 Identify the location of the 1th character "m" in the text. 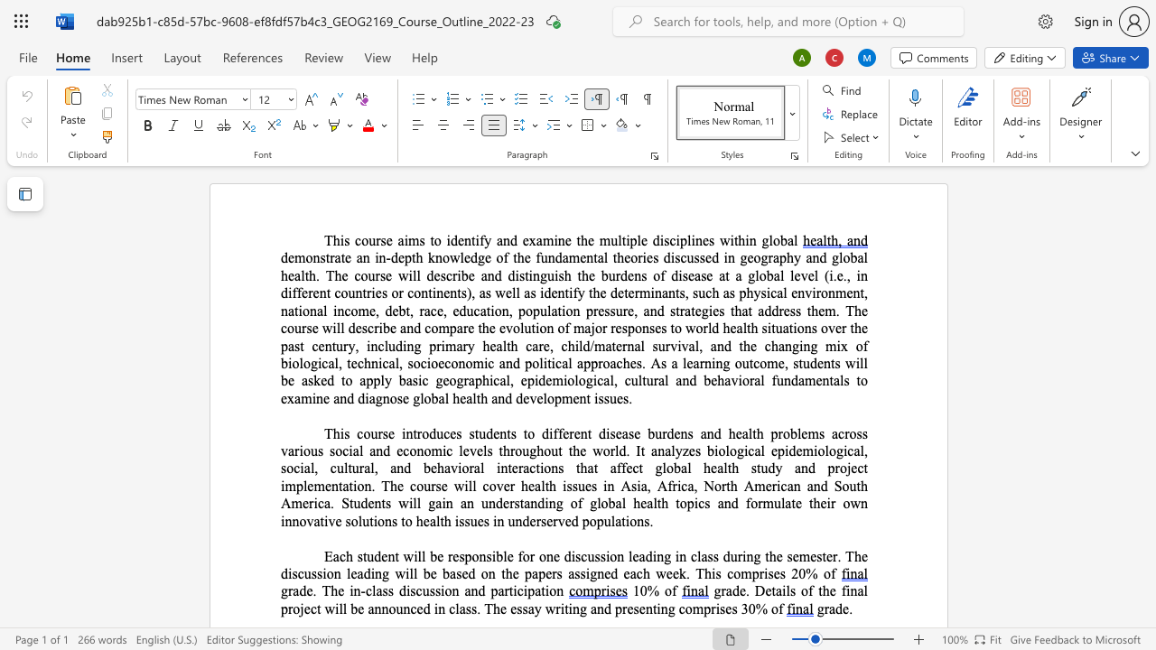
(478, 363).